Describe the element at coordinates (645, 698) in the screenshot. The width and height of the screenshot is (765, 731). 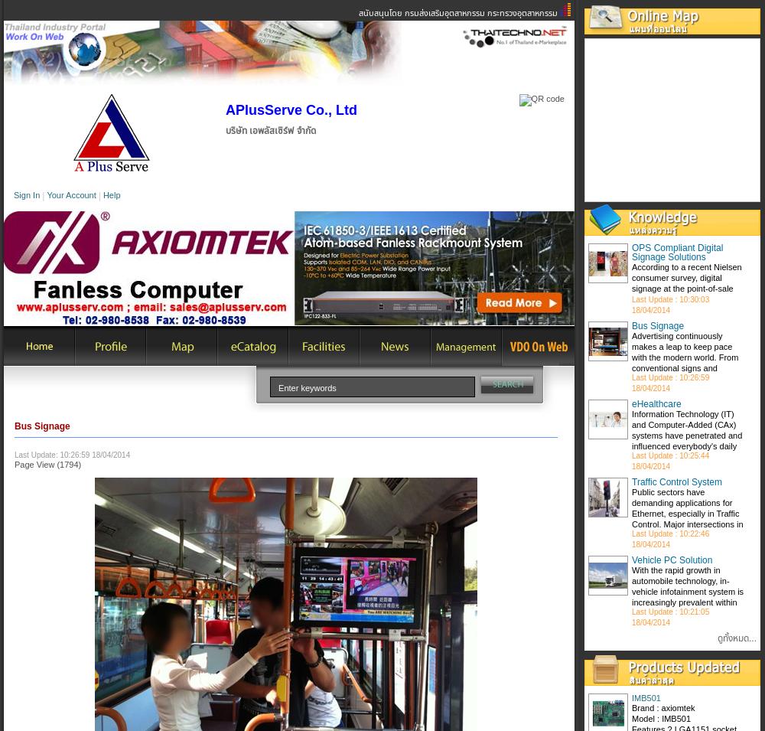
I see `'IMB501'` at that location.